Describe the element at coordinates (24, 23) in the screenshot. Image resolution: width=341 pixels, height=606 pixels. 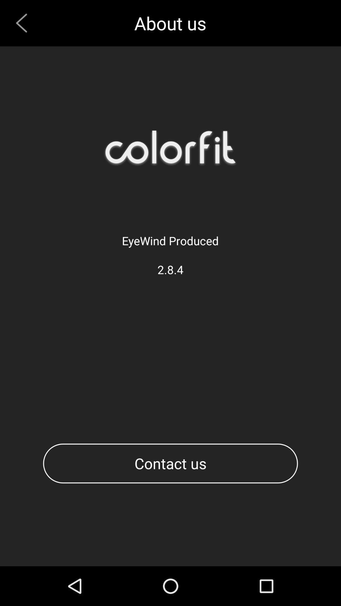
I see `previous` at that location.